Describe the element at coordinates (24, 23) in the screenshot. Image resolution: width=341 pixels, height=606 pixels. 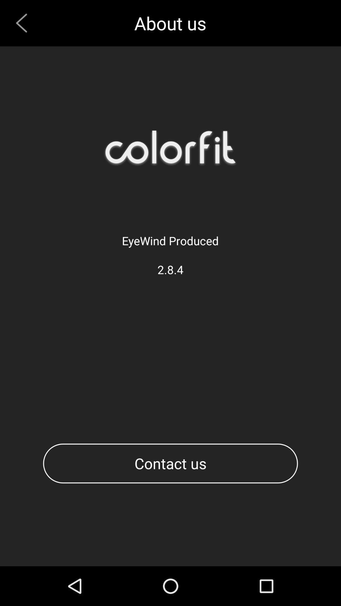
I see `previous` at that location.